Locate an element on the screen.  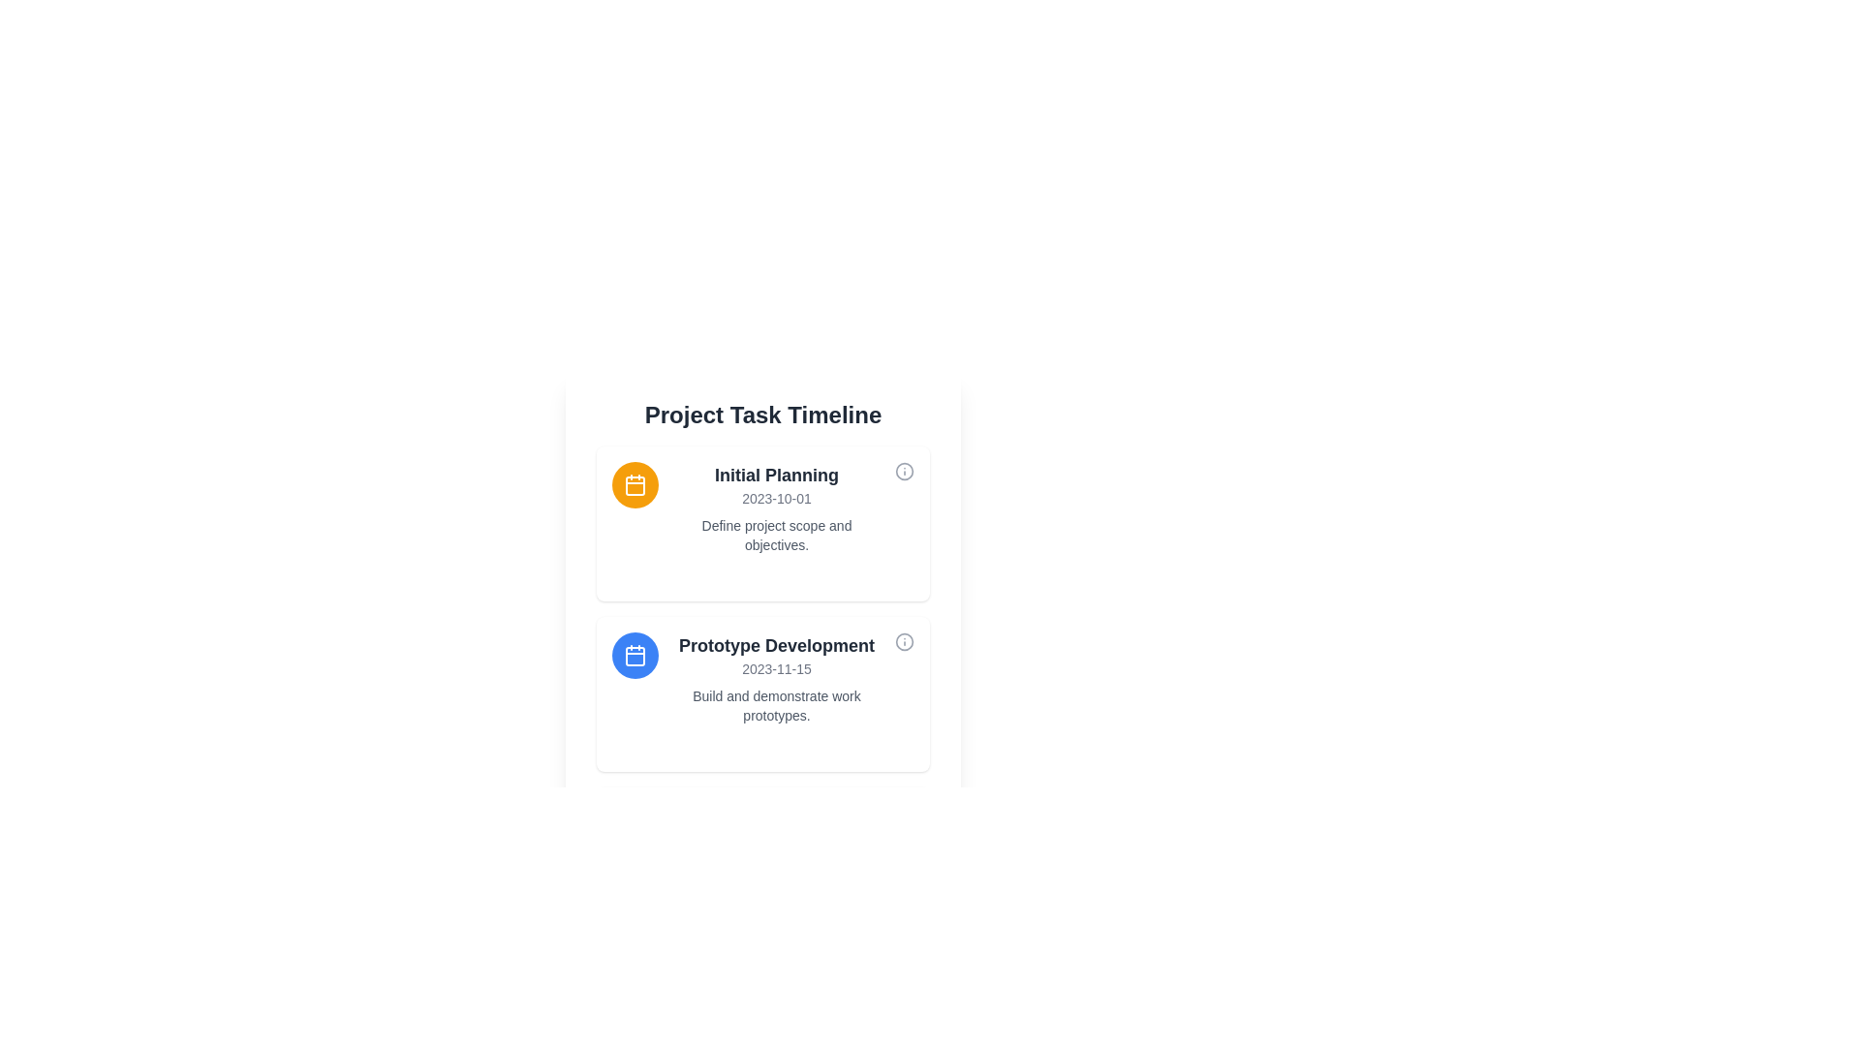
visually on the SVG shape within the calendar icon for the 'Initial Planning' section in the 'Project Task Timeline' by moving the cursor to its center is located at coordinates (635, 484).